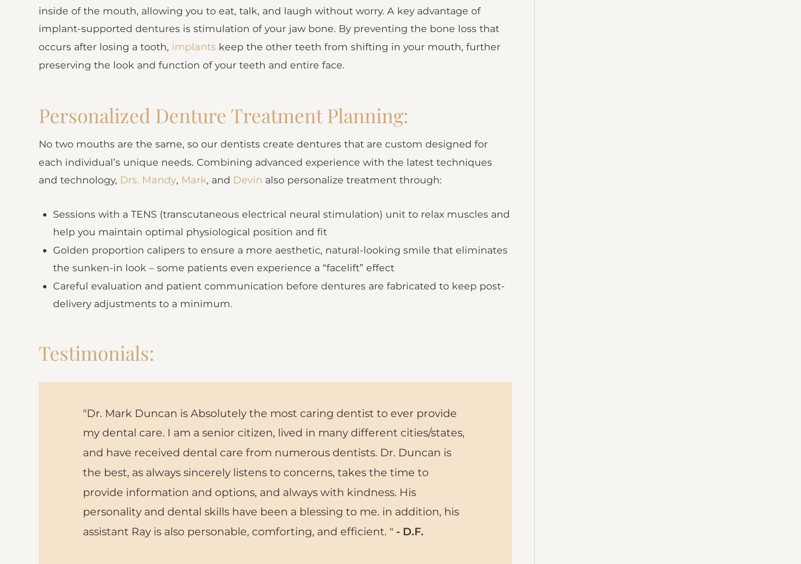  Describe the element at coordinates (194, 199) in the screenshot. I see `'Mark'` at that location.